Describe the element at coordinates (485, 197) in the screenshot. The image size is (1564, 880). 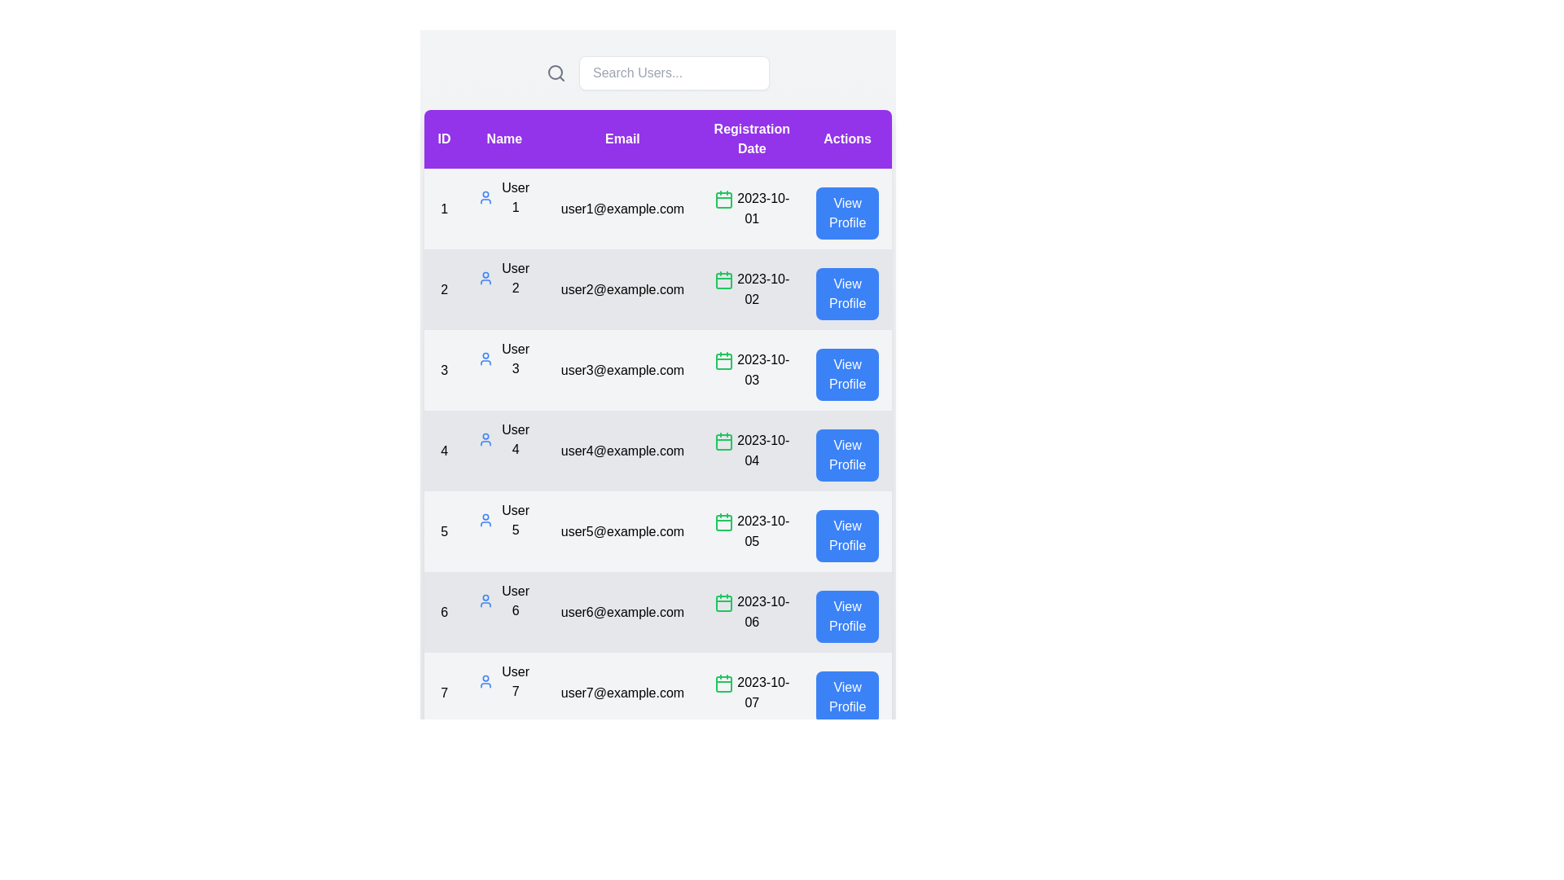
I see `the user profile icon for user 1` at that location.